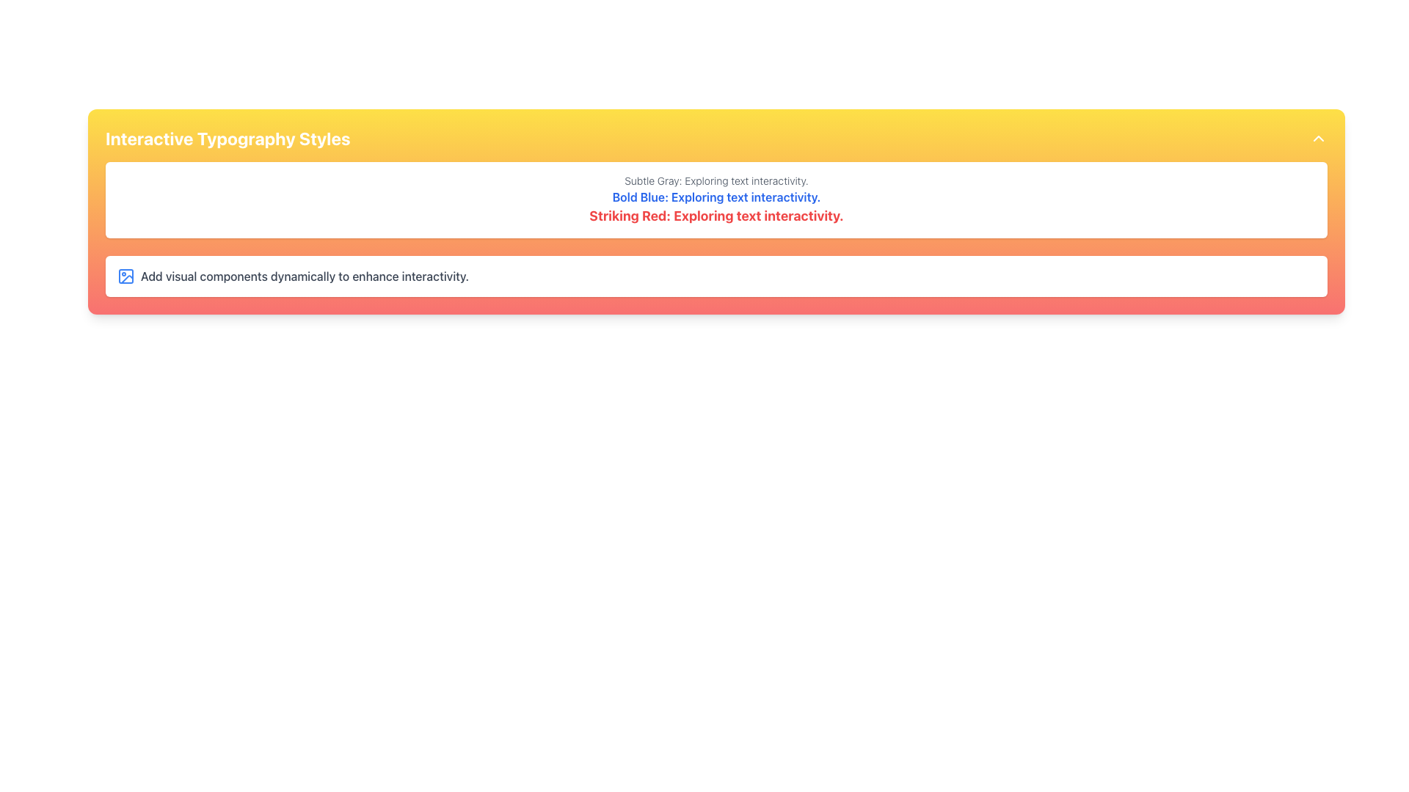  I want to click on the compact photograph icon, styled in blue with a rounded rectangular frame and circular detail, located near the left edge of the section containing the text 'Add visual components dynamically to enhance interactivity.', so click(126, 276).